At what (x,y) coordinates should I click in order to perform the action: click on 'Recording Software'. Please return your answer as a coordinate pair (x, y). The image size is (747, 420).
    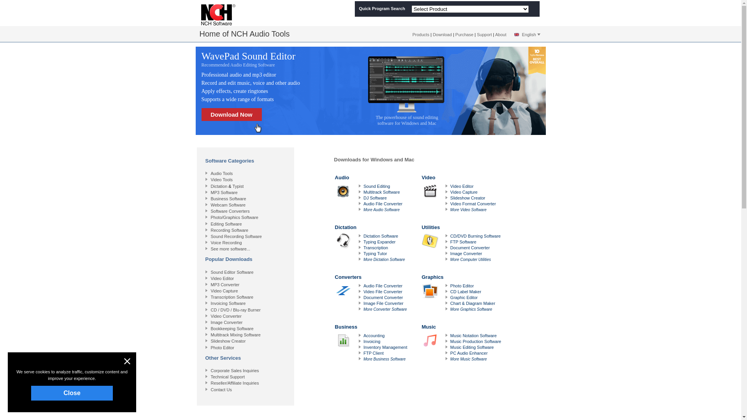
    Looking at the image, I should click on (229, 229).